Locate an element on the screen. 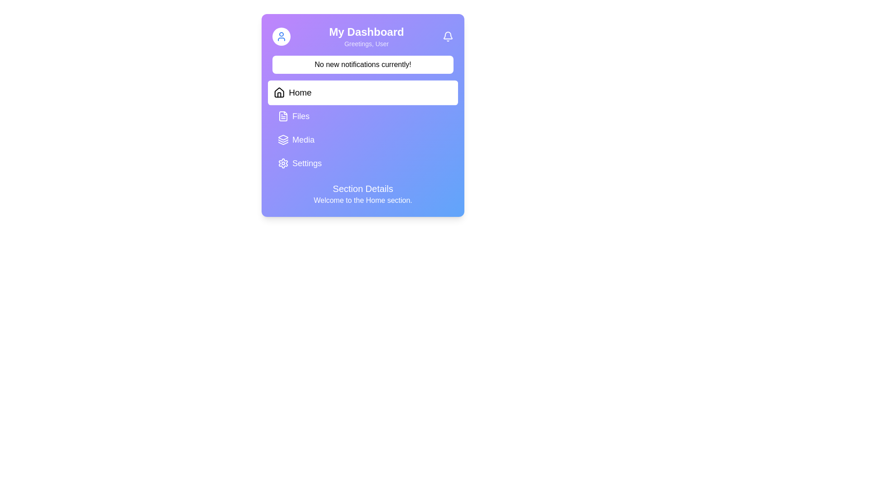  the 'Home' text label component which is a clickable navigation item displayed in bold font next to a house icon is located at coordinates (300, 92).